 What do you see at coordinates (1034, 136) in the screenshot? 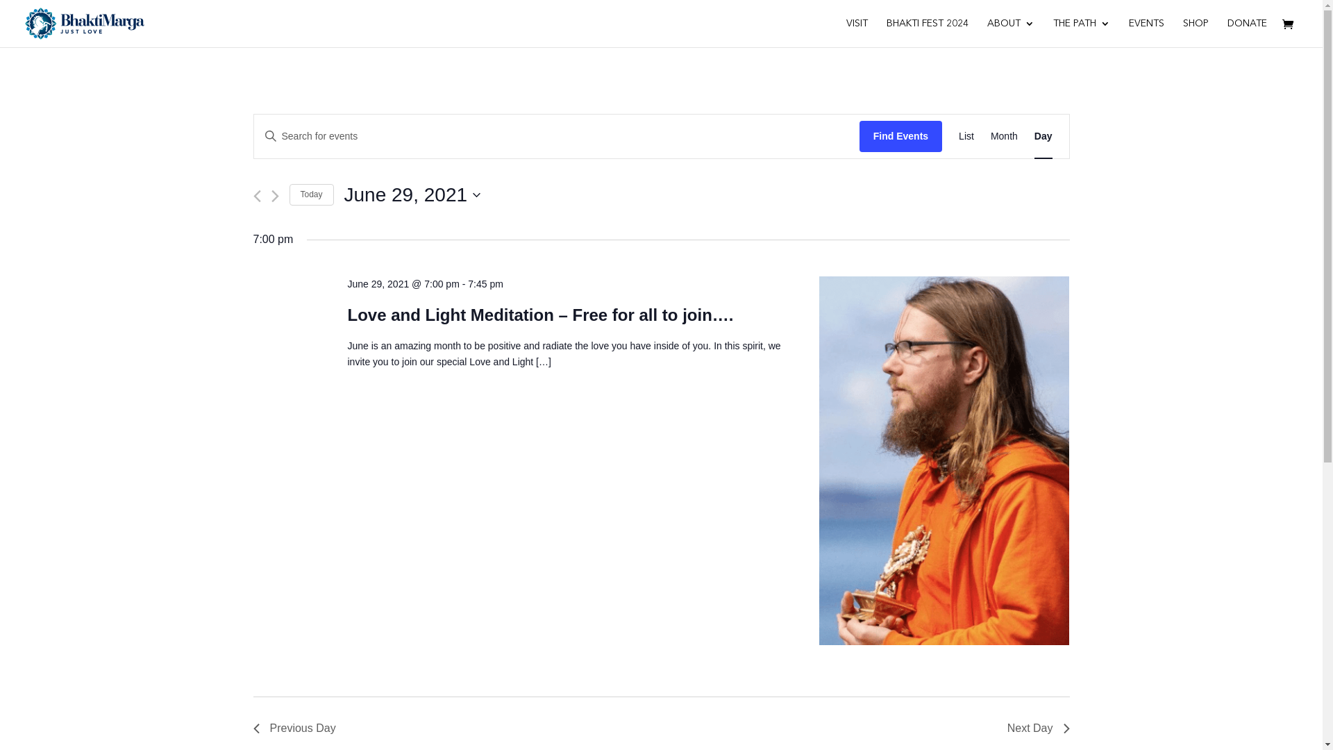
I see `'Day'` at bounding box center [1034, 136].